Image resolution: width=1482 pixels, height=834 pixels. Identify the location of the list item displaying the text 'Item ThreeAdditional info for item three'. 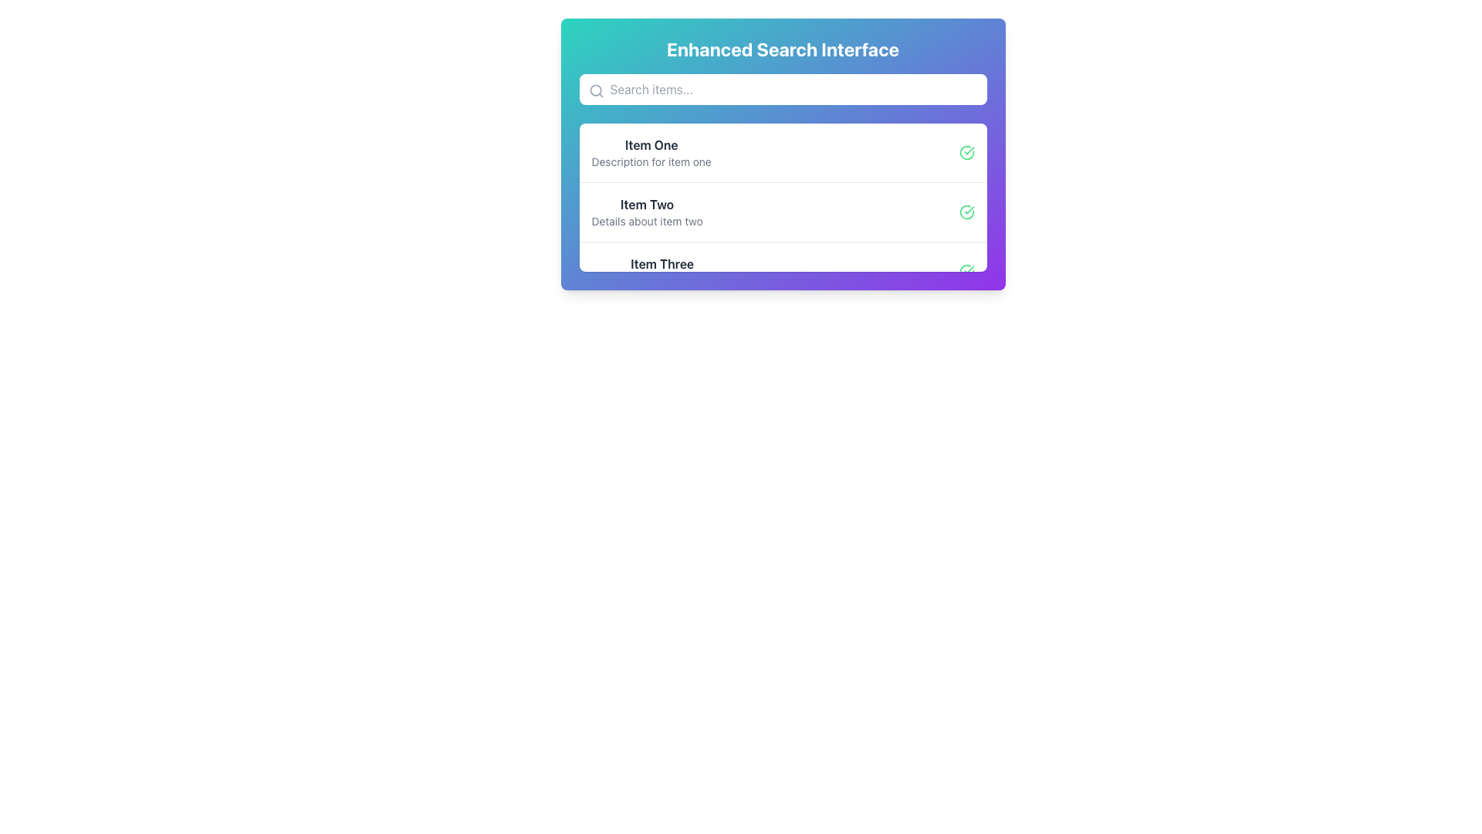
(662, 270).